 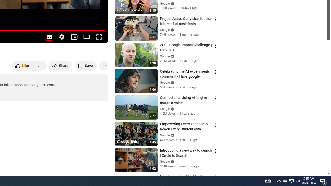 I want to click on 'More actions', so click(x=103, y=65).